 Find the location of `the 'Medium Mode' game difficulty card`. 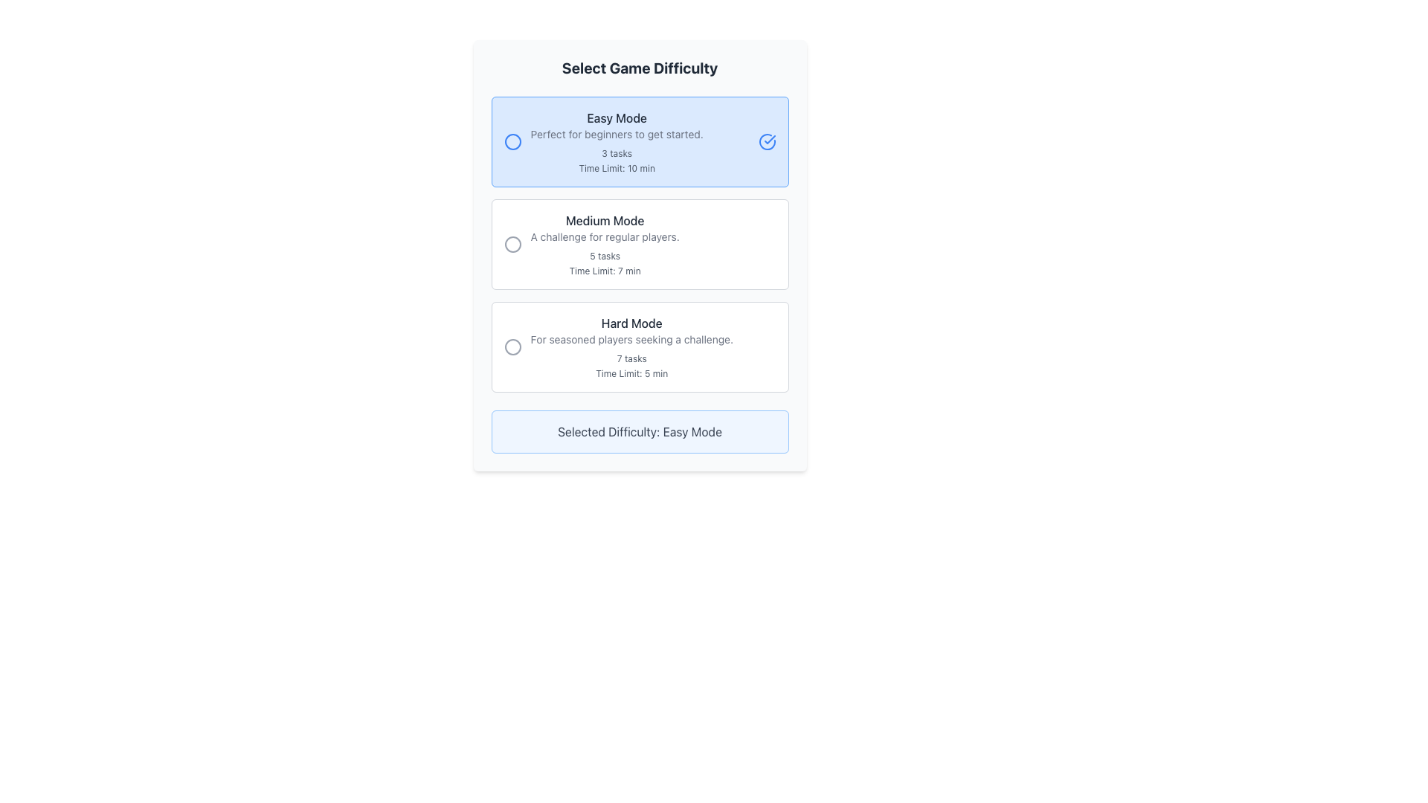

the 'Medium Mode' game difficulty card is located at coordinates (640, 243).